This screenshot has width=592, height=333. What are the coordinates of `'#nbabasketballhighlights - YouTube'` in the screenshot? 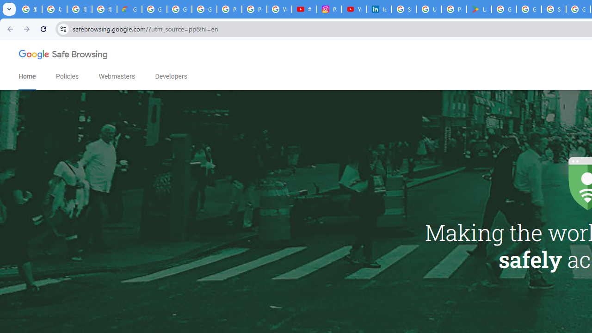 It's located at (304, 9).